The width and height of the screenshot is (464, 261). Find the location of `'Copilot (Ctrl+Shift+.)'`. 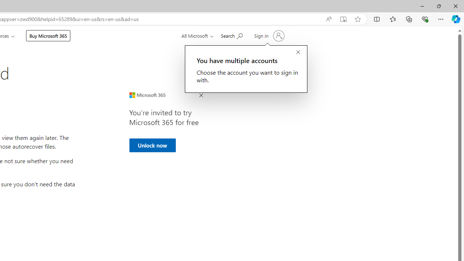

'Copilot (Ctrl+Shift+.)' is located at coordinates (456, 18).